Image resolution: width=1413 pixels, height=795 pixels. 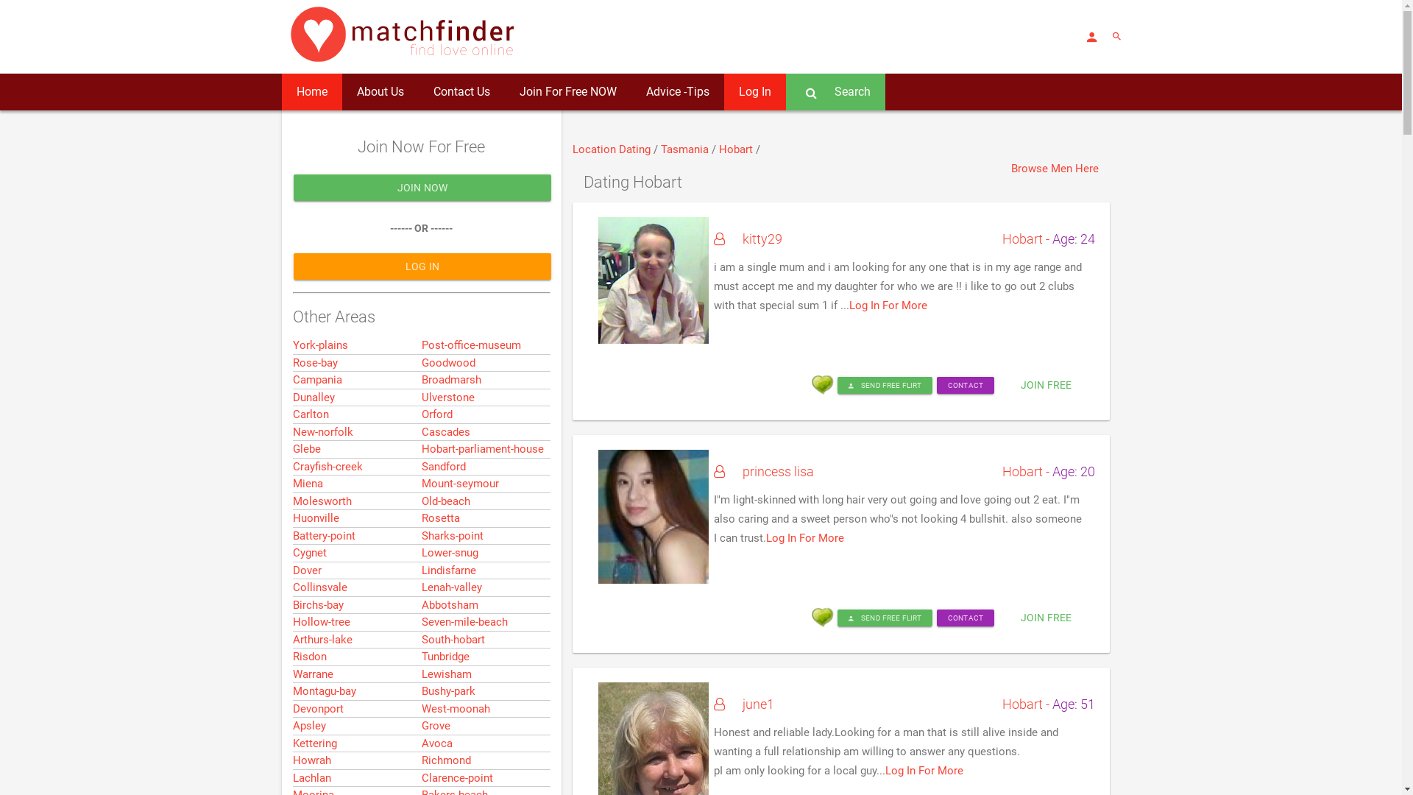 What do you see at coordinates (713, 703) in the screenshot?
I see `'june1'` at bounding box center [713, 703].